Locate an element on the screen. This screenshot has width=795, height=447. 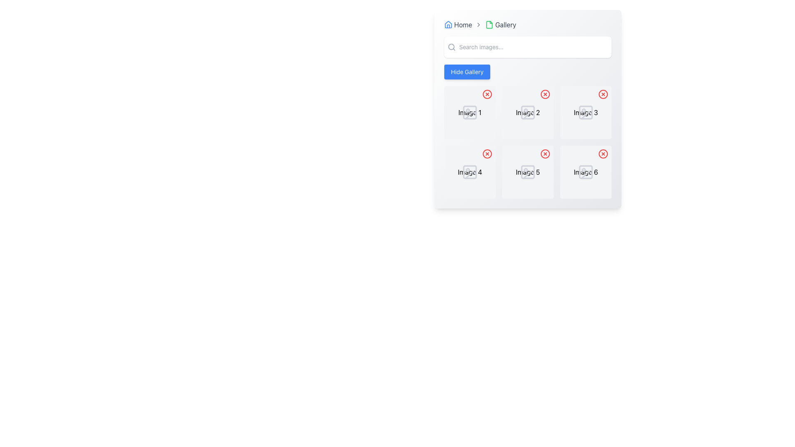
the search icon located at the leftmost side of the header section is located at coordinates (451, 47).